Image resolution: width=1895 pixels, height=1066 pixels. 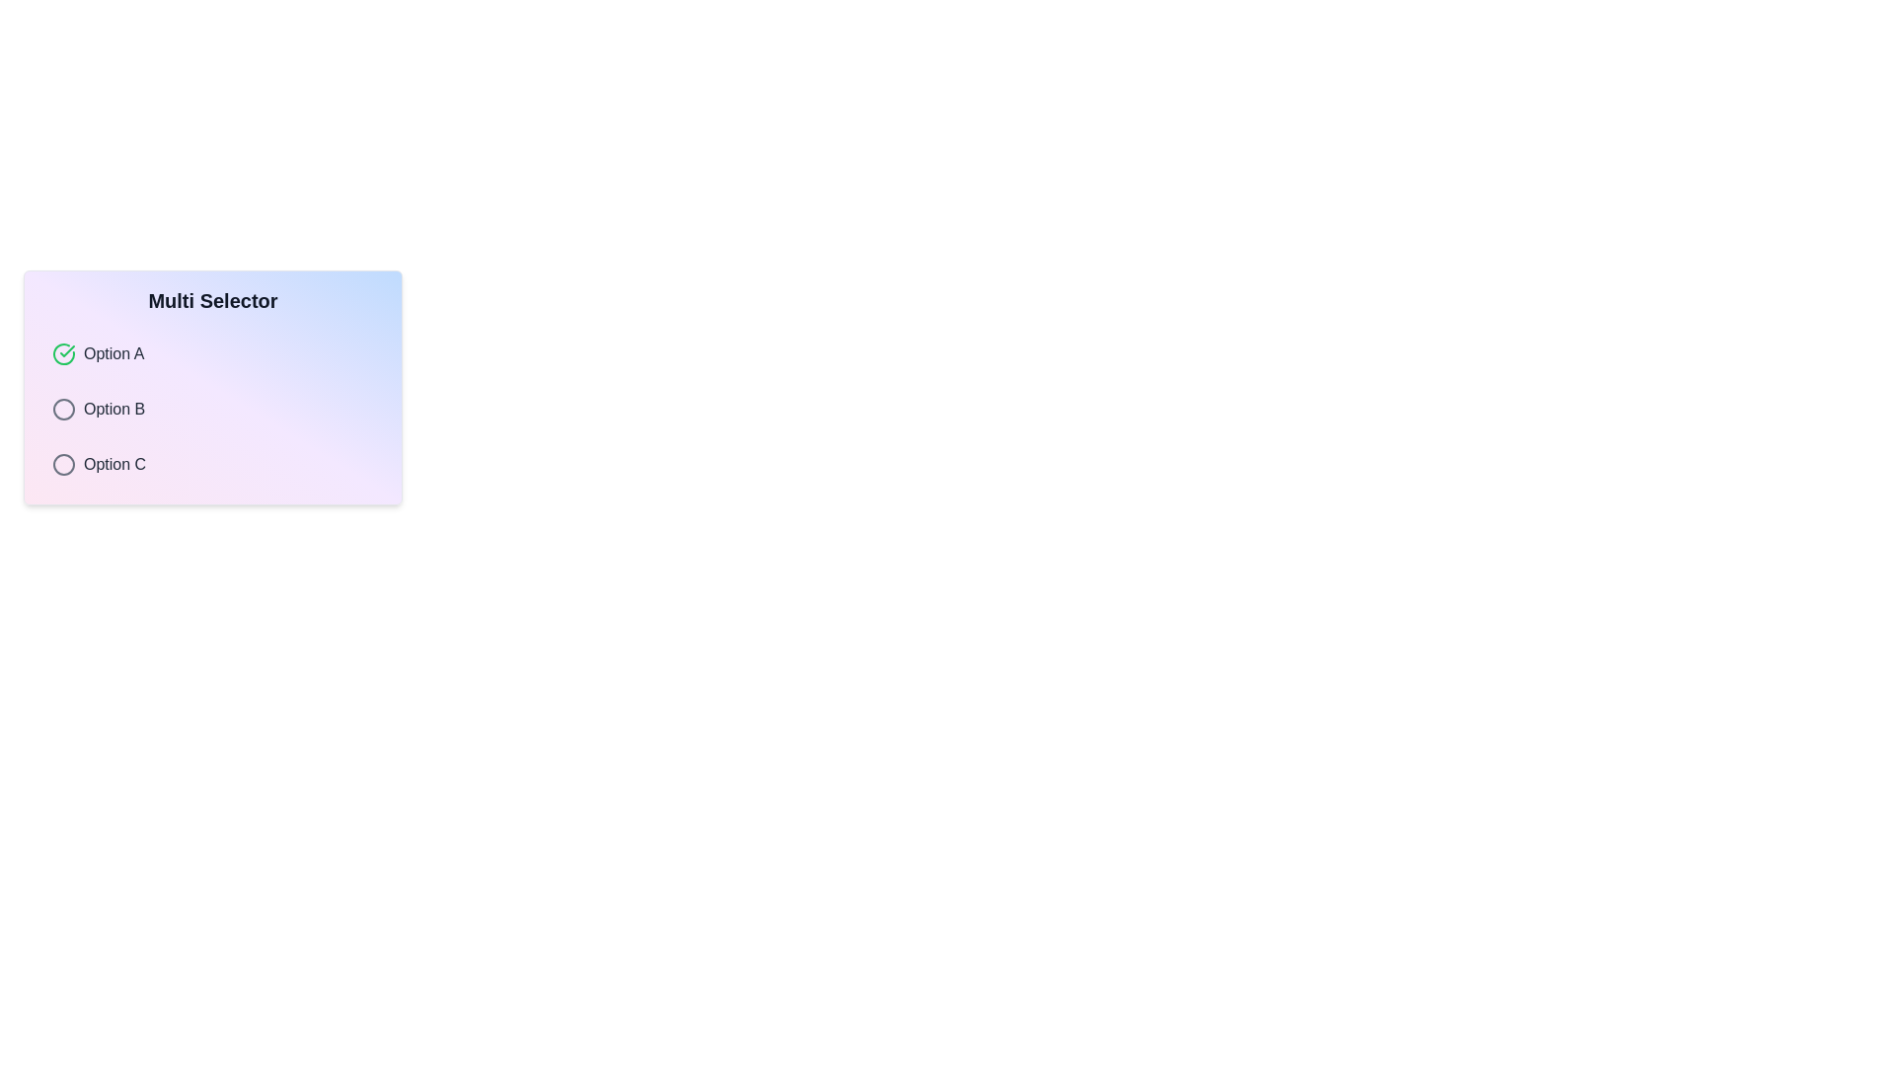 What do you see at coordinates (64, 352) in the screenshot?
I see `the 'Option A' element to deselect it` at bounding box center [64, 352].